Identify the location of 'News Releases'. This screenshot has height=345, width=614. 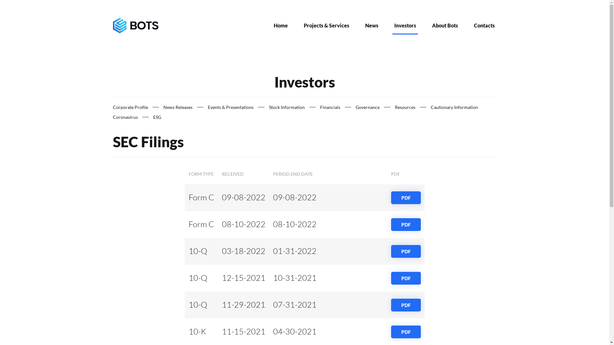
(177, 107).